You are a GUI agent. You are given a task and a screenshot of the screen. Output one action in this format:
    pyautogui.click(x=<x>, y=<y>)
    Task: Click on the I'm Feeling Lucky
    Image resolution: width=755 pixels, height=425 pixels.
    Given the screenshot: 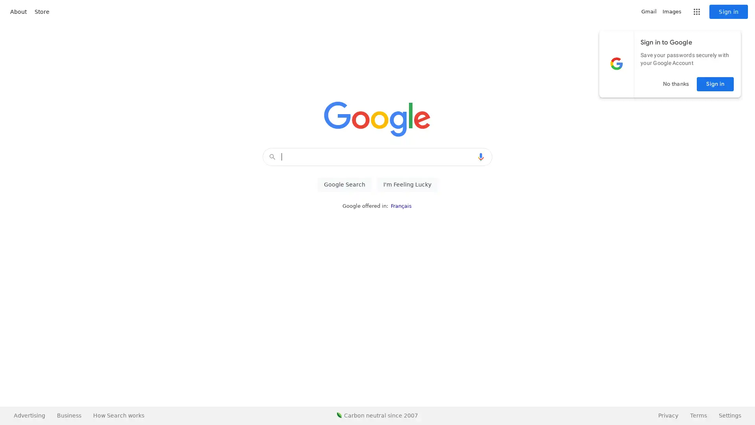 What is the action you would take?
    pyautogui.click(x=407, y=185)
    